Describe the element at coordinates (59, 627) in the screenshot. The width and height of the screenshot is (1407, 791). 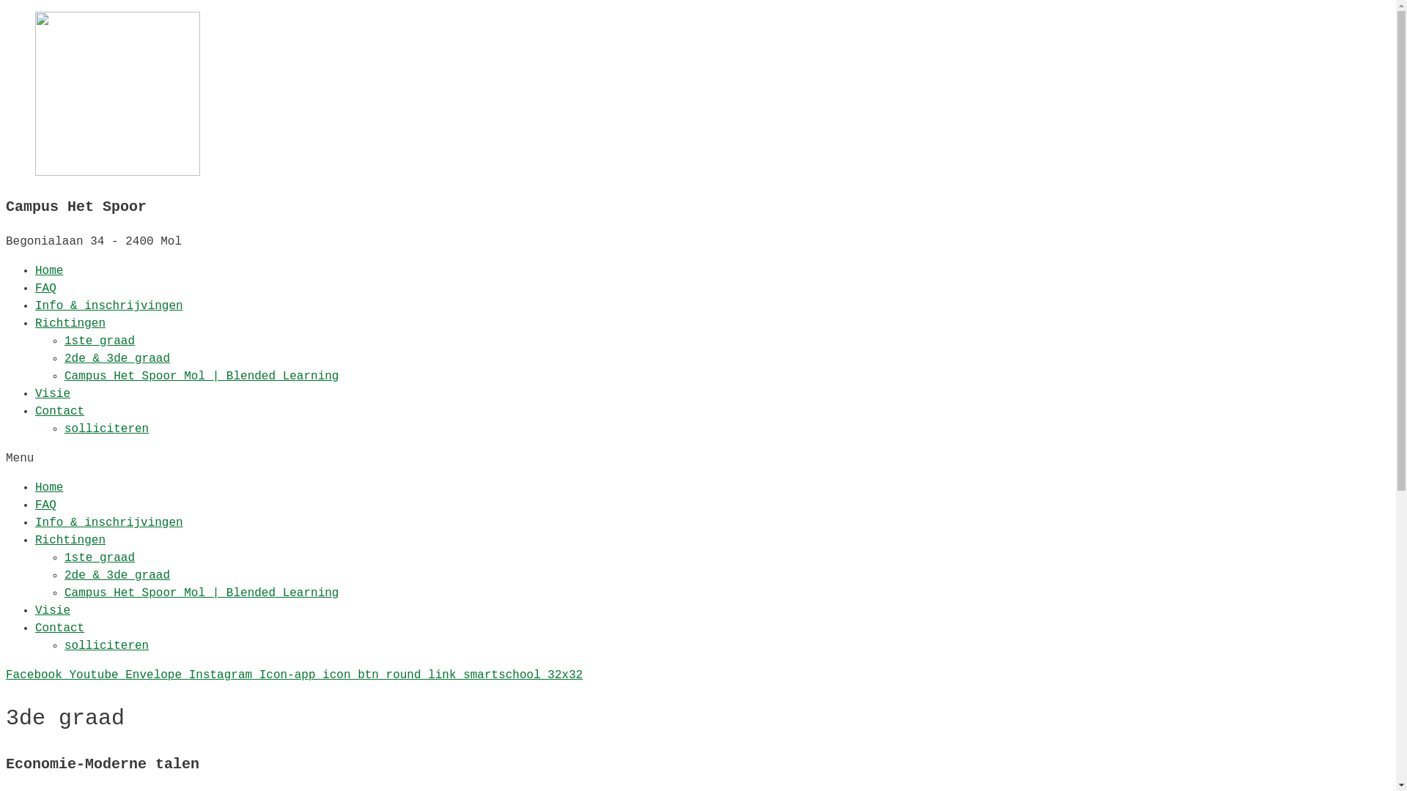
I see `'Contact'` at that location.